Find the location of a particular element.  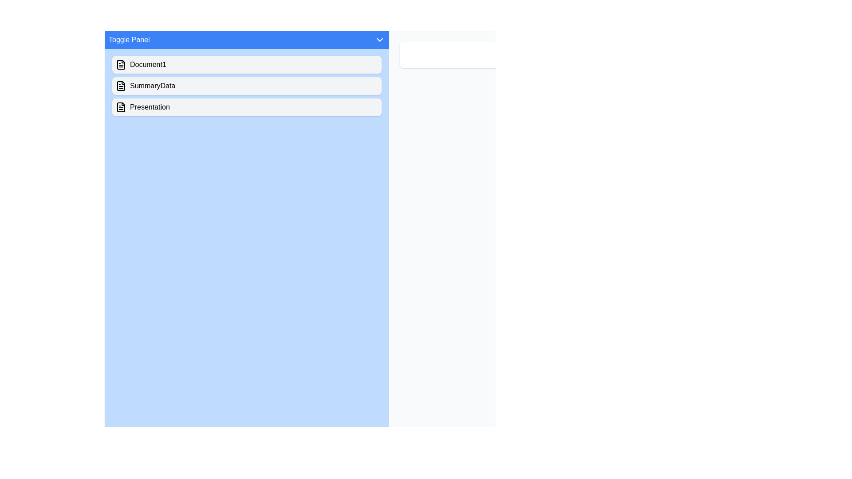

the file icon, which is a minimalistic document representation with a folded corner, located to the left of the 'Presentation' label in the third button of the vertical options list is located at coordinates (121, 107).